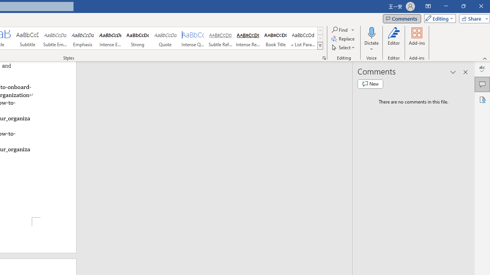  I want to click on 'Intense Quote', so click(193, 38).